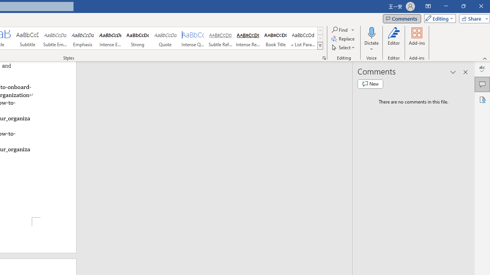  I want to click on 'Intense Quote', so click(193, 38).